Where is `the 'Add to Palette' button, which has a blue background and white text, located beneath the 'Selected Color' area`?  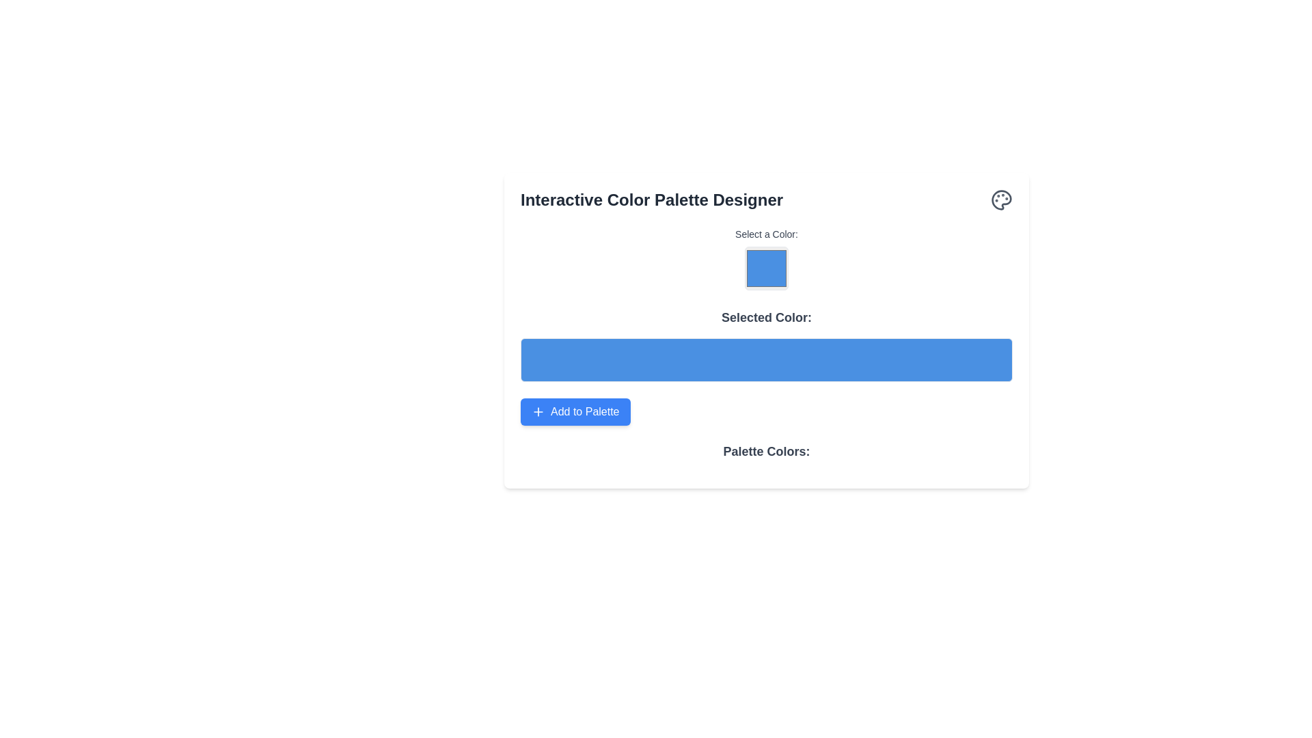
the 'Add to Palette' button, which has a blue background and white text, located beneath the 'Selected Color' area is located at coordinates (575, 411).